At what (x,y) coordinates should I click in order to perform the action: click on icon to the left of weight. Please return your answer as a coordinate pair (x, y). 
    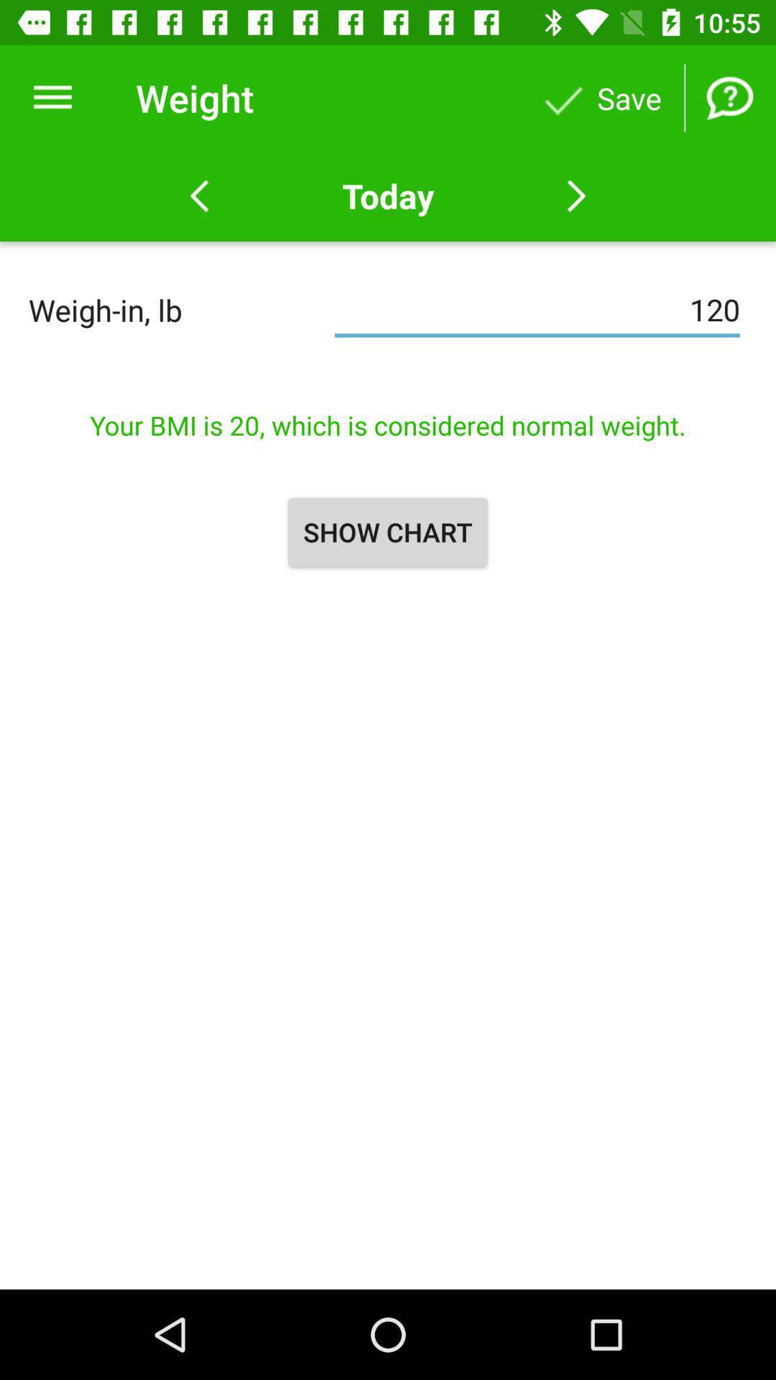
    Looking at the image, I should click on (52, 97).